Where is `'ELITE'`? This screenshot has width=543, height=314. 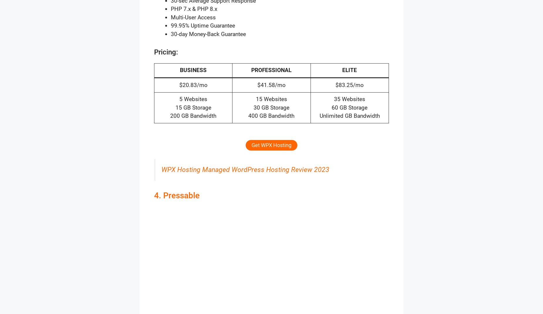
'ELITE' is located at coordinates (349, 70).